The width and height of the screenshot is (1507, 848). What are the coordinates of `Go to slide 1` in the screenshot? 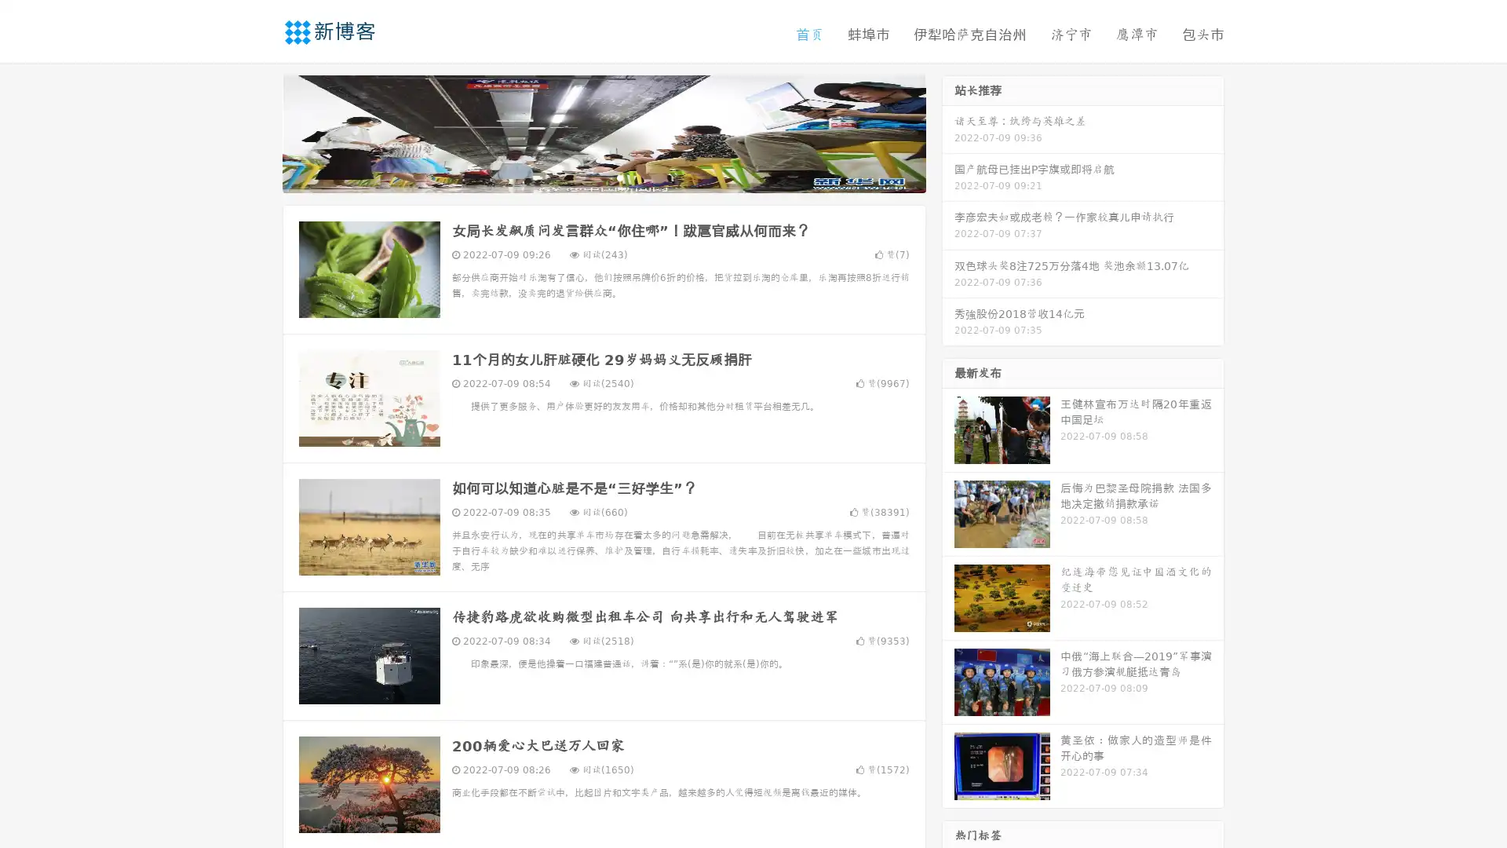 It's located at (587, 177).